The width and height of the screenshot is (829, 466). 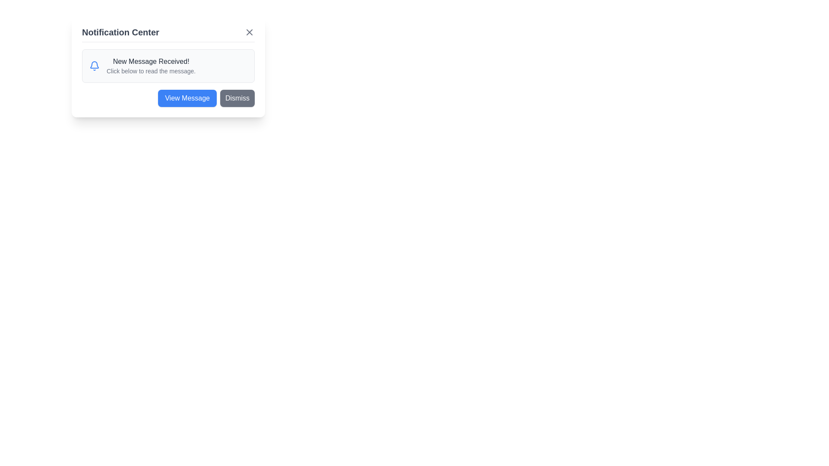 I want to click on the button located in the bottom section of the 'Notification Center' that navigates to view message details, so click(x=168, y=98).